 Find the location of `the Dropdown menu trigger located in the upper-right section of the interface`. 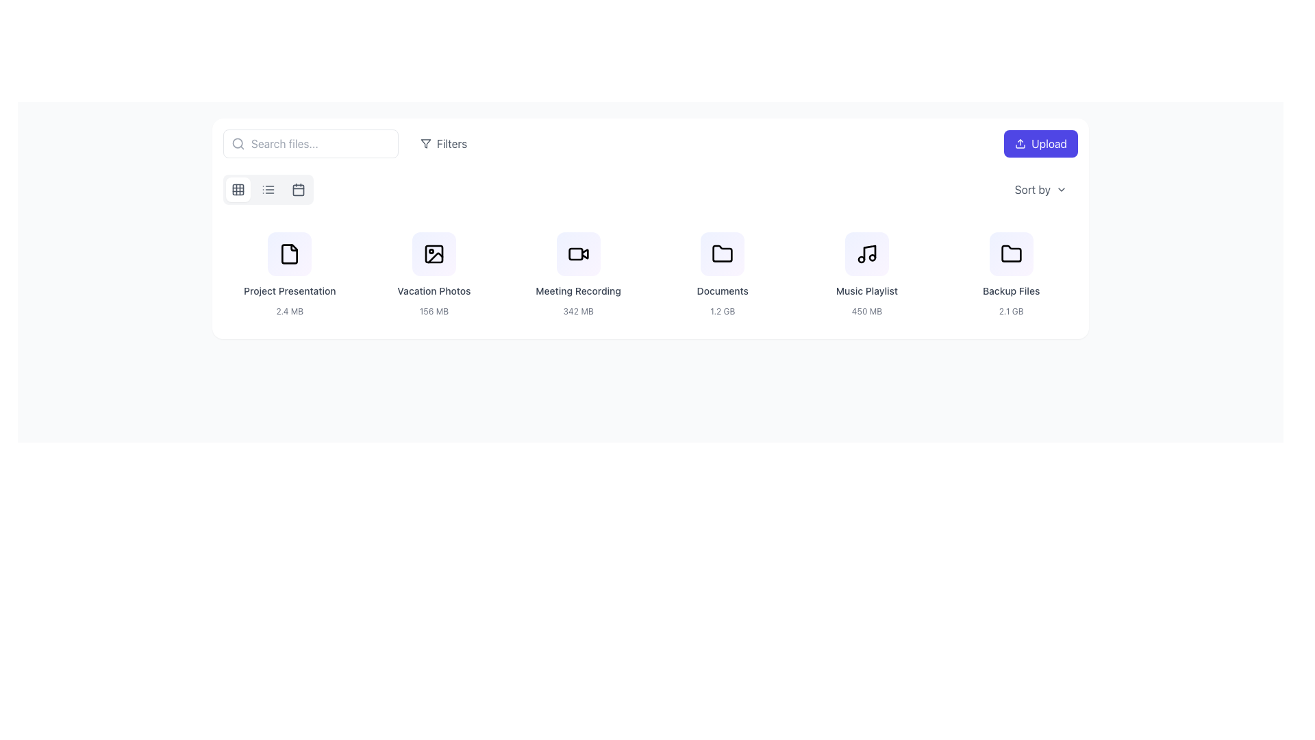

the Dropdown menu trigger located in the upper-right section of the interface is located at coordinates (1040, 190).